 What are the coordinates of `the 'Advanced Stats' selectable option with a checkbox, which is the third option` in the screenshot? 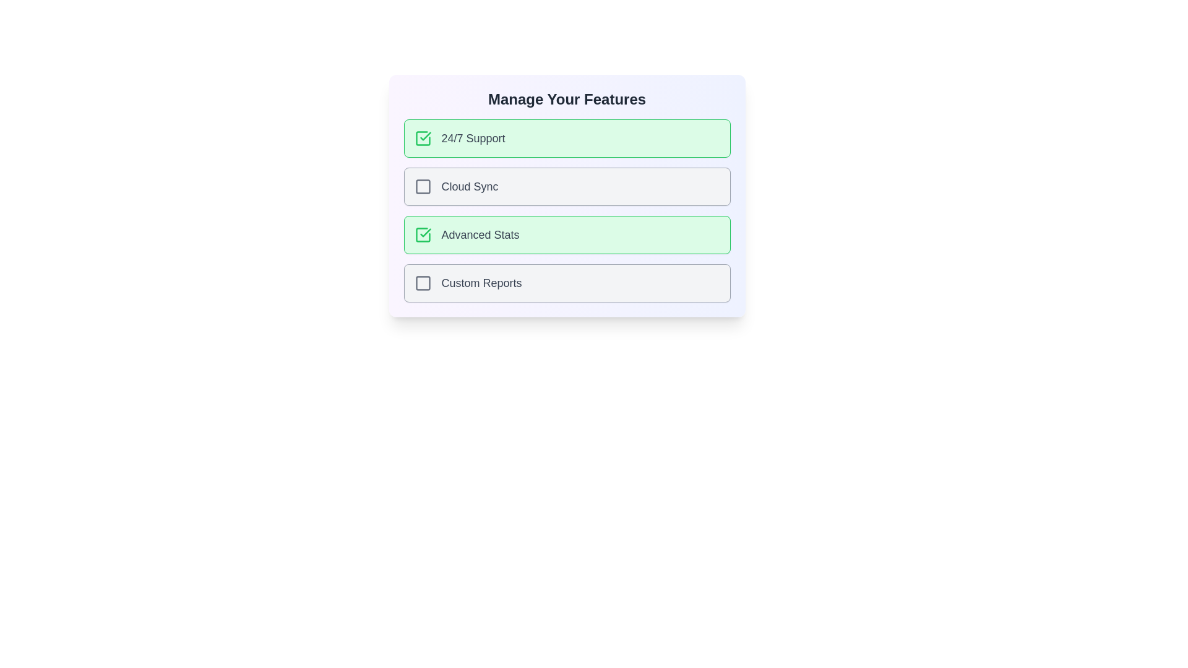 It's located at (566, 235).